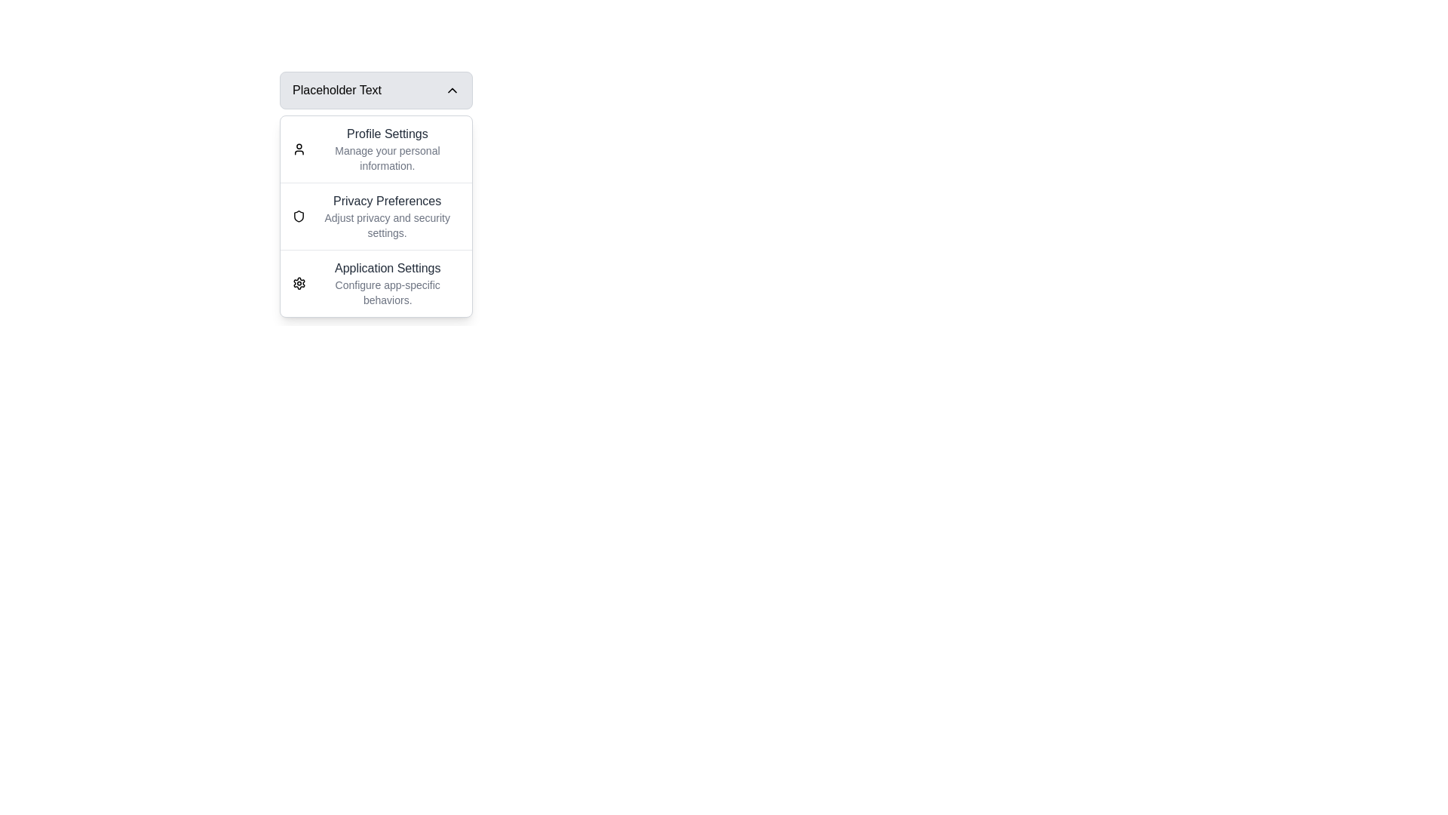  What do you see at coordinates (376, 149) in the screenshot?
I see `the 'Profile Settings' button` at bounding box center [376, 149].